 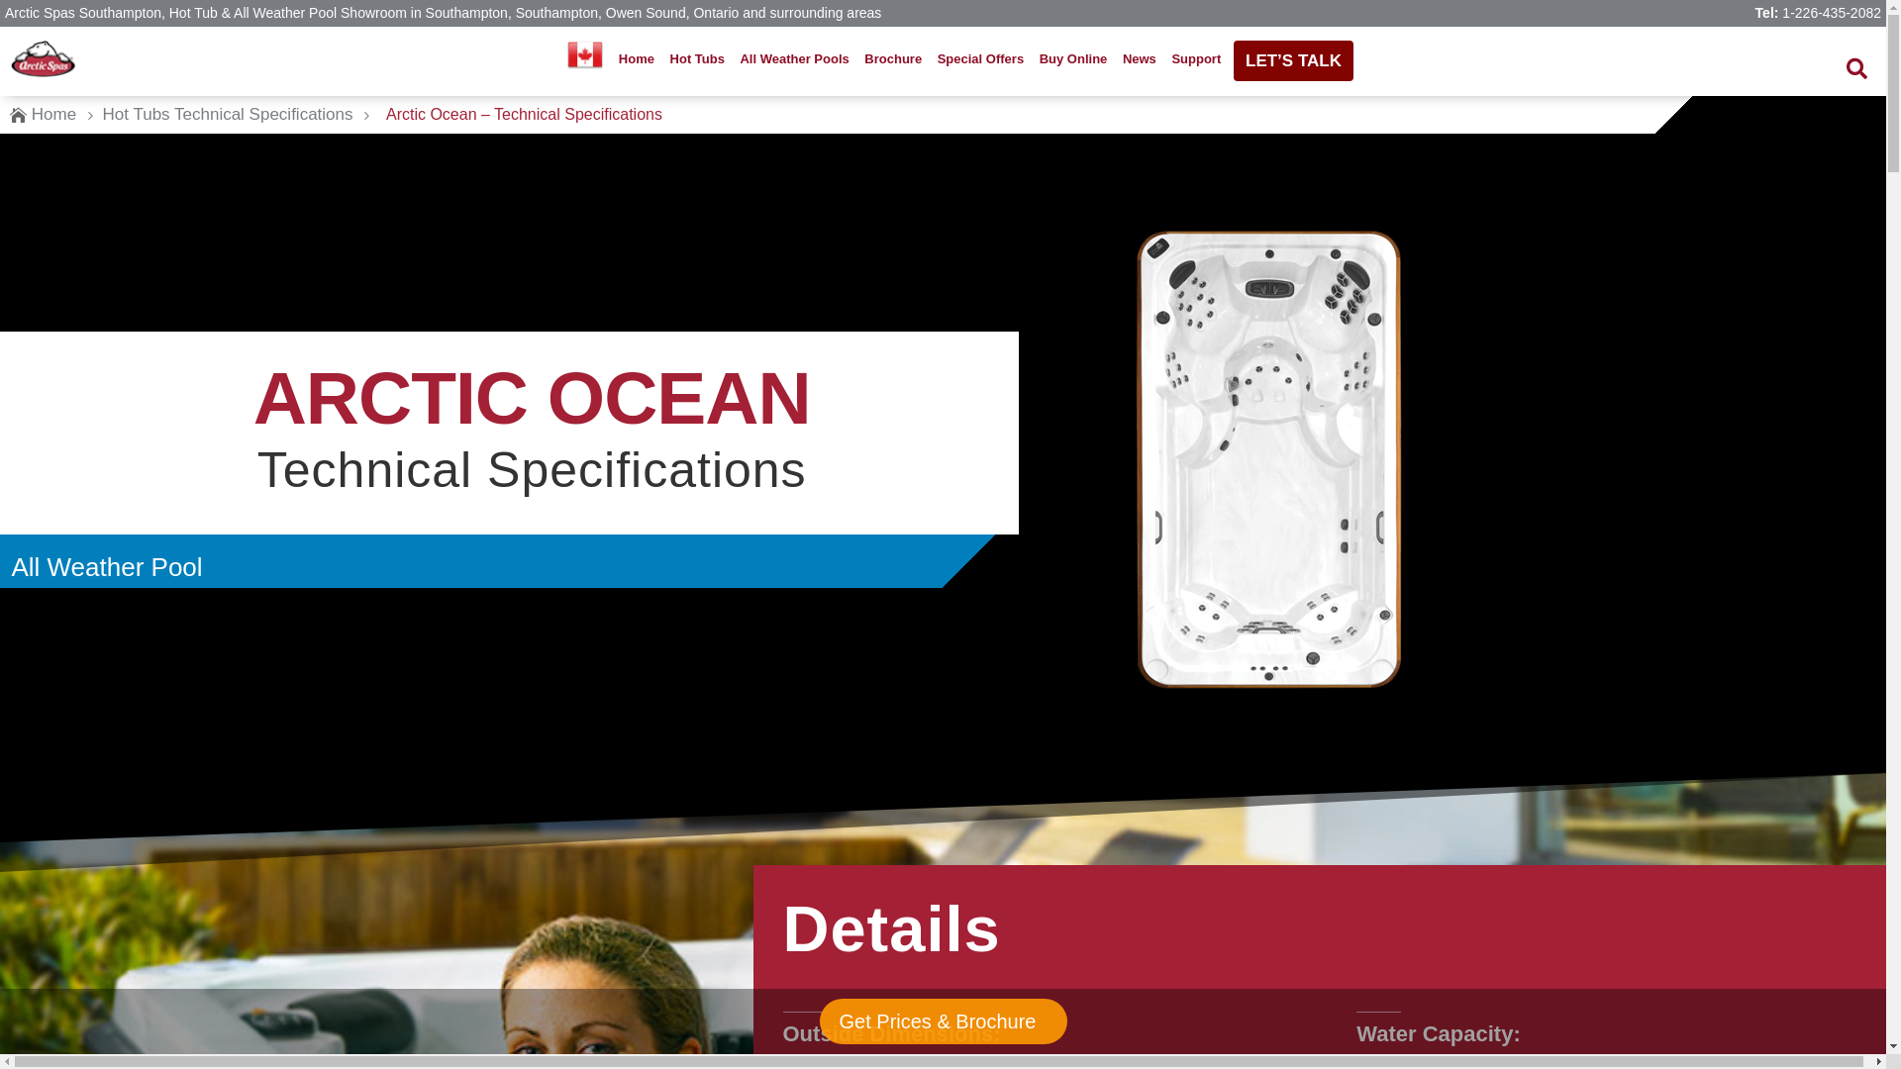 What do you see at coordinates (32, 114) in the screenshot?
I see `'Home'` at bounding box center [32, 114].